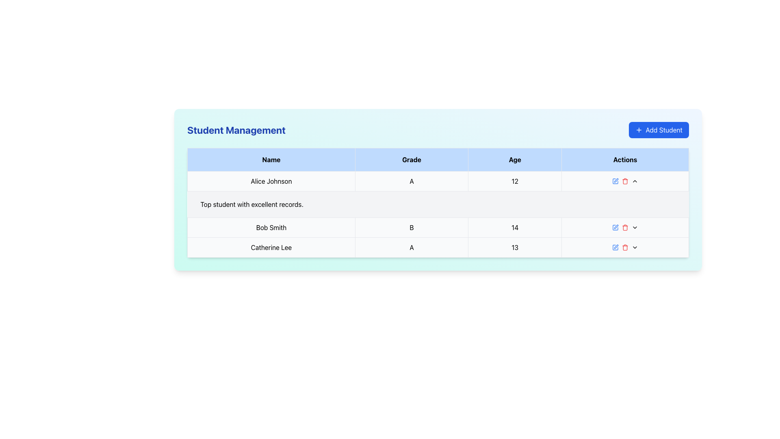 The image size is (780, 439). What do you see at coordinates (615, 181) in the screenshot?
I see `the small blue pencil icon in the 'Actions' column of the table under 'Student Management'` at bounding box center [615, 181].